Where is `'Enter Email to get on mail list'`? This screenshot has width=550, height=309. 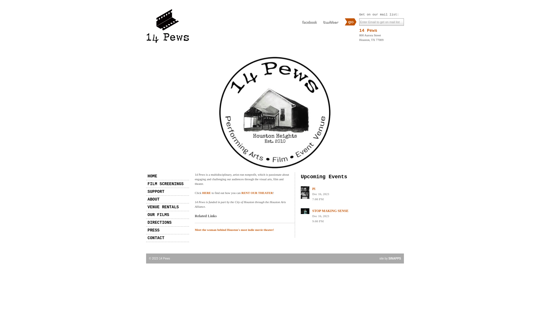 'Enter Email to get on mail list' is located at coordinates (381, 22).